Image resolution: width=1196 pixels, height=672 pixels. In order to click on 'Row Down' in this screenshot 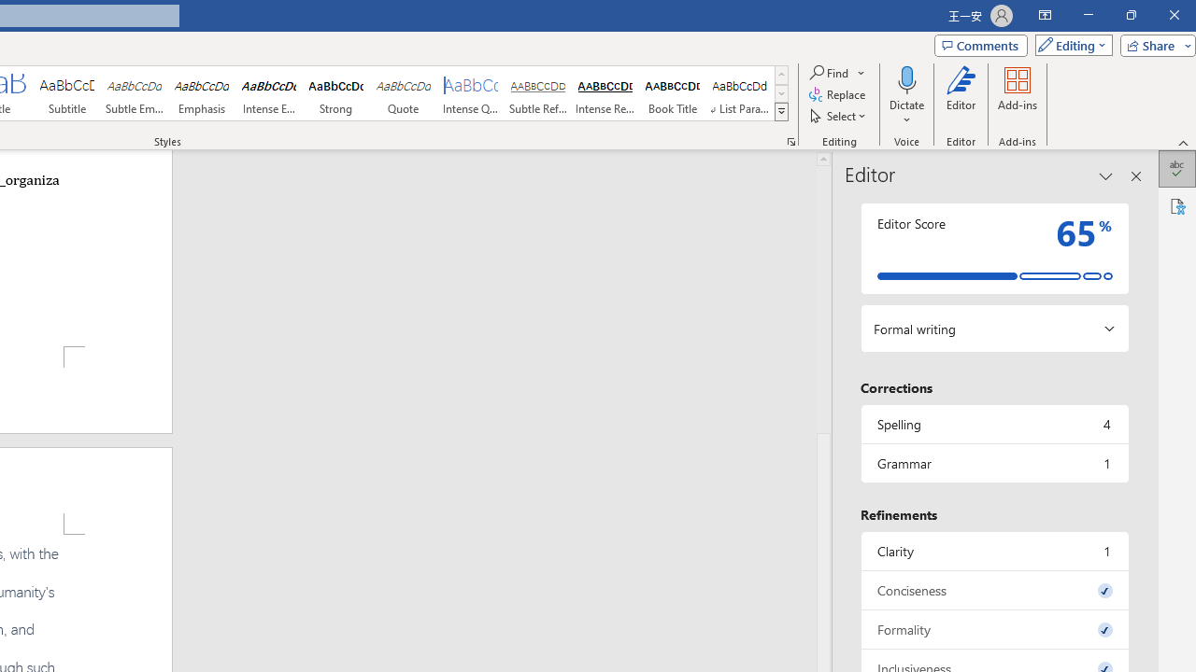, I will do `click(781, 93)`.